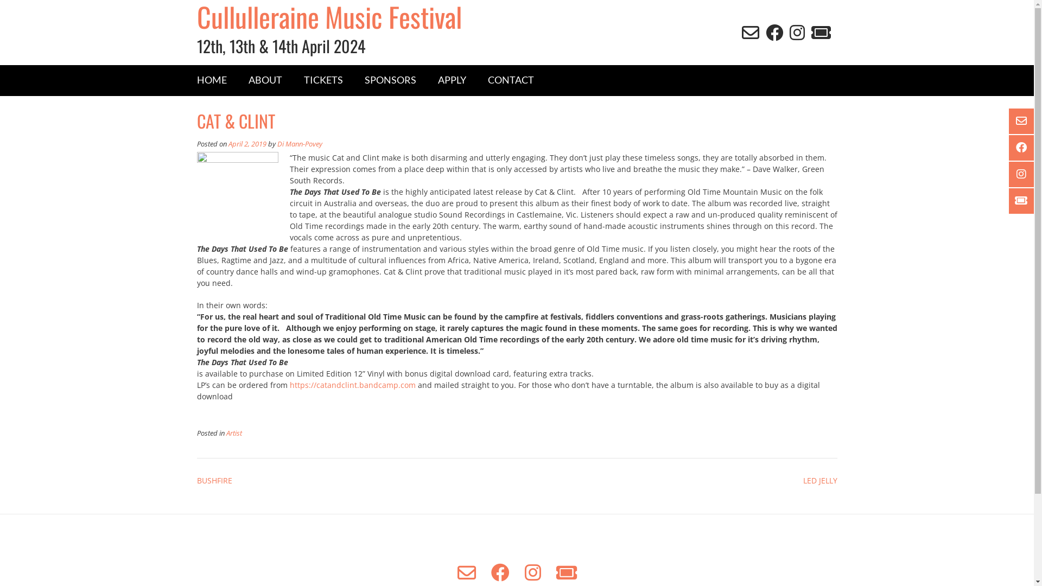 Image resolution: width=1042 pixels, height=586 pixels. Describe the element at coordinates (237, 80) in the screenshot. I see `'ABOUT'` at that location.